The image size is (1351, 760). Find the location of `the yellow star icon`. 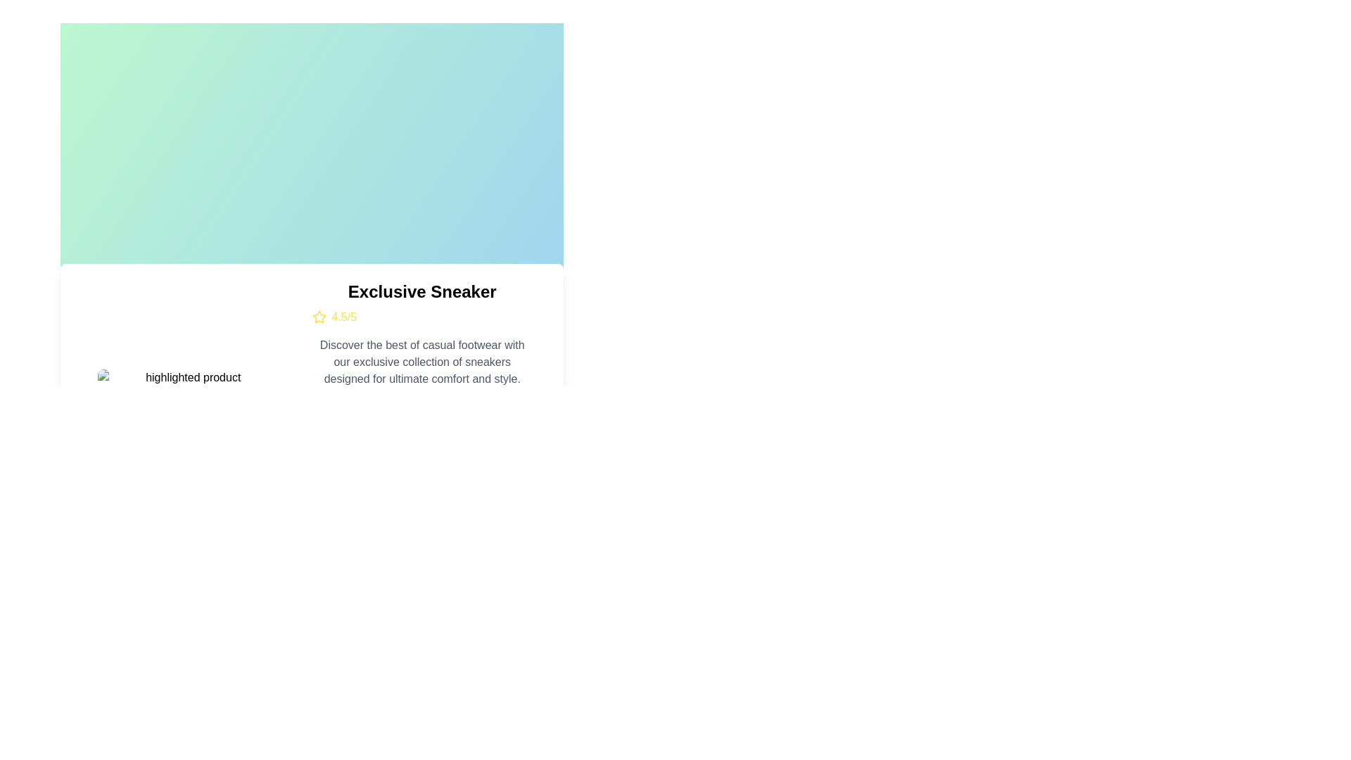

the yellow star icon is located at coordinates (317, 317).